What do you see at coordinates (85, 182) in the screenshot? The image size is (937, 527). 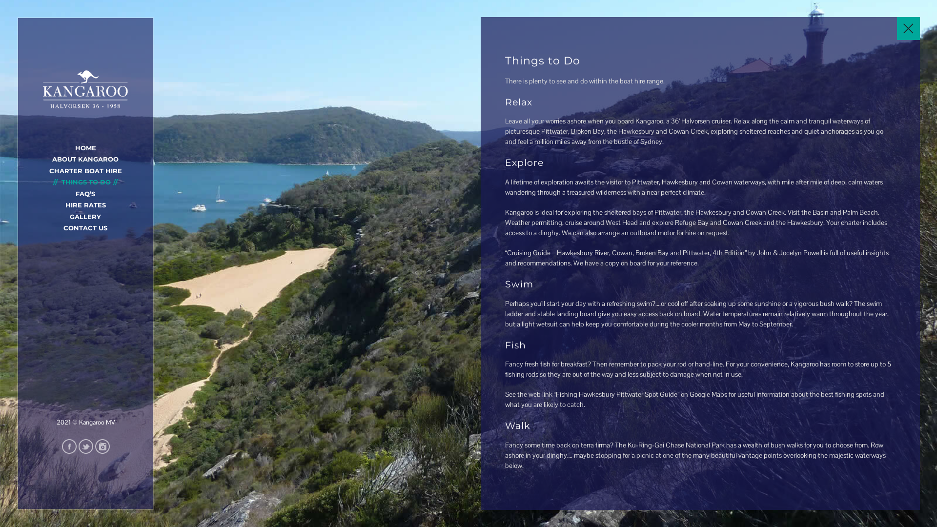 I see `'THINGS TO DO'` at bounding box center [85, 182].